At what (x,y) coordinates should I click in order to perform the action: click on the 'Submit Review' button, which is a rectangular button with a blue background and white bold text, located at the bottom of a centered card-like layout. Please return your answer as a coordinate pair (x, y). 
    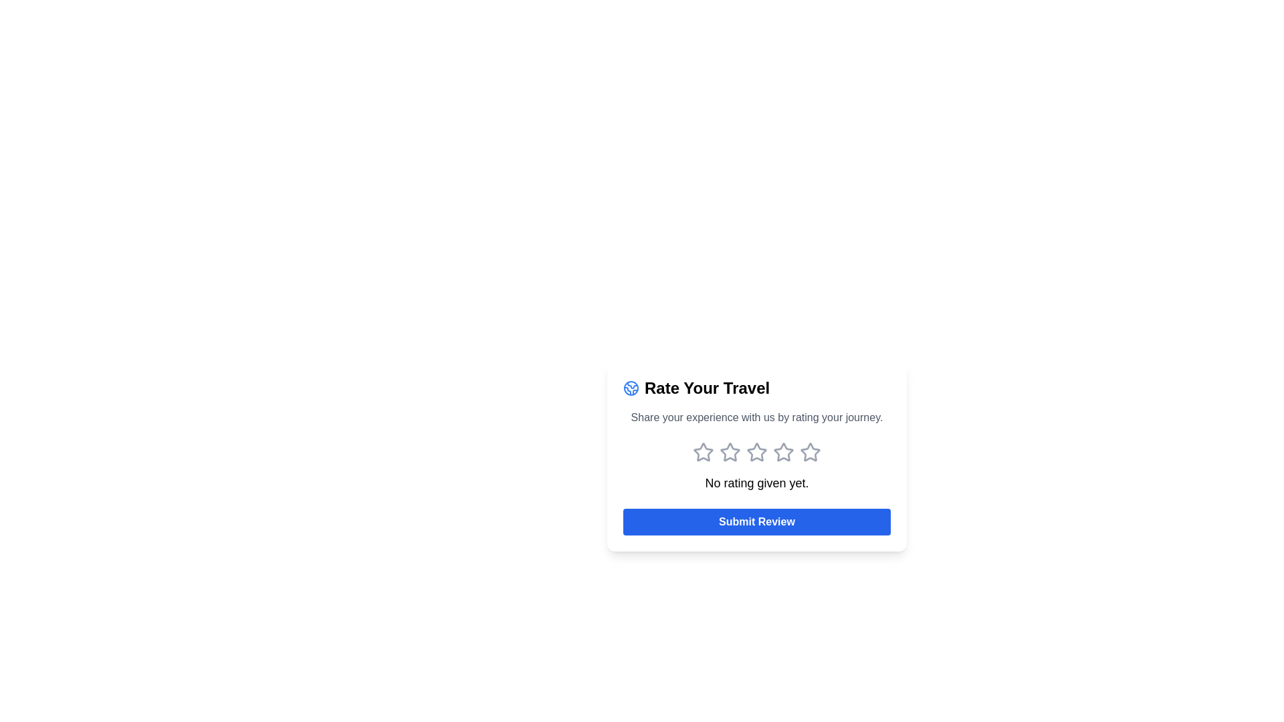
    Looking at the image, I should click on (757, 521).